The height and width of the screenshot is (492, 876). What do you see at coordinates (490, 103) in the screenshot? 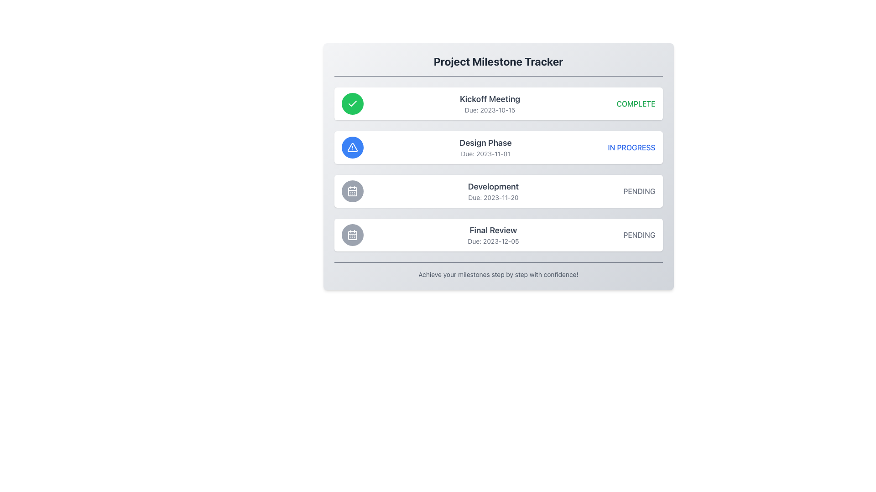
I see `the text label that displays 'Kickoff Meeting' and 'Due: 2023-10-15', located within the card structure labeled 'Kickoff Meeting Due: 2023-10-15 COMPLETE'` at bounding box center [490, 103].